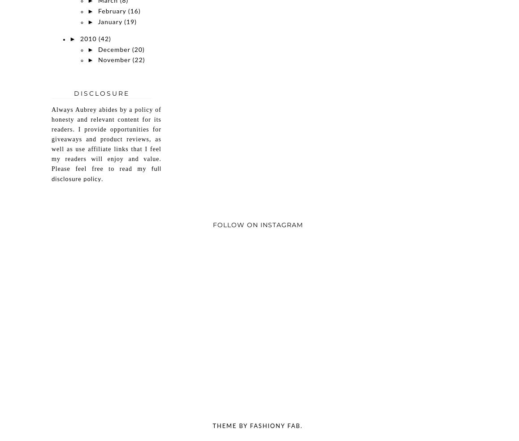 The width and height of the screenshot is (519, 441). What do you see at coordinates (102, 178) in the screenshot?
I see `'.'` at bounding box center [102, 178].